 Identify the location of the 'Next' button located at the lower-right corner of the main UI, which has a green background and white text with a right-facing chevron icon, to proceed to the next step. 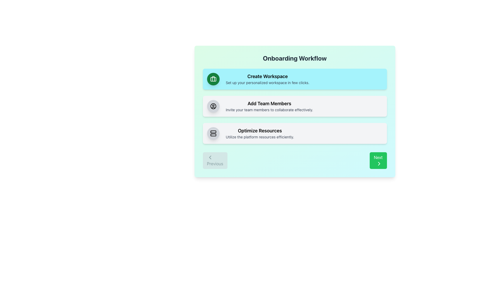
(378, 160).